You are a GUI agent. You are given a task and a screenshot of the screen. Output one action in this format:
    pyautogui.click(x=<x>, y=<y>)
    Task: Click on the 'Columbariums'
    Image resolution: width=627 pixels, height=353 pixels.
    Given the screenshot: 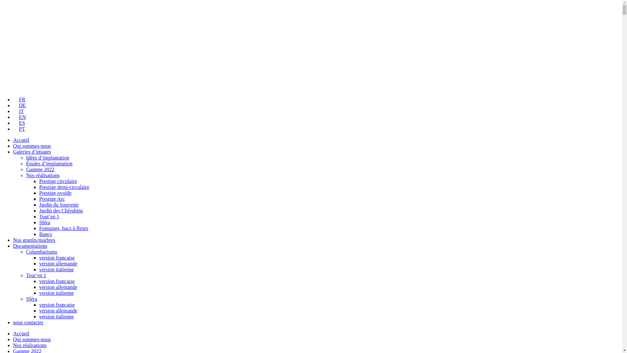 What is the action you would take?
    pyautogui.click(x=41, y=251)
    